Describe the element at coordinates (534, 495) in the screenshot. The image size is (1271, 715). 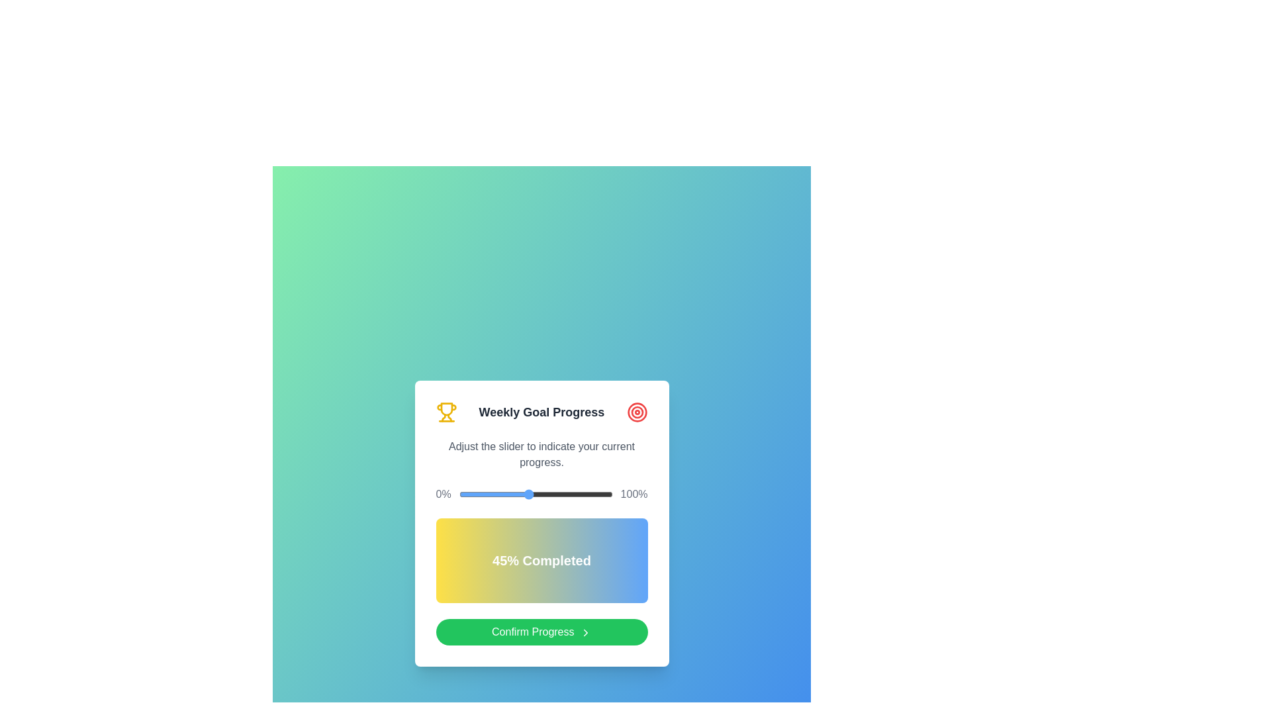
I see `the slider to set the progress percentage to 49` at that location.